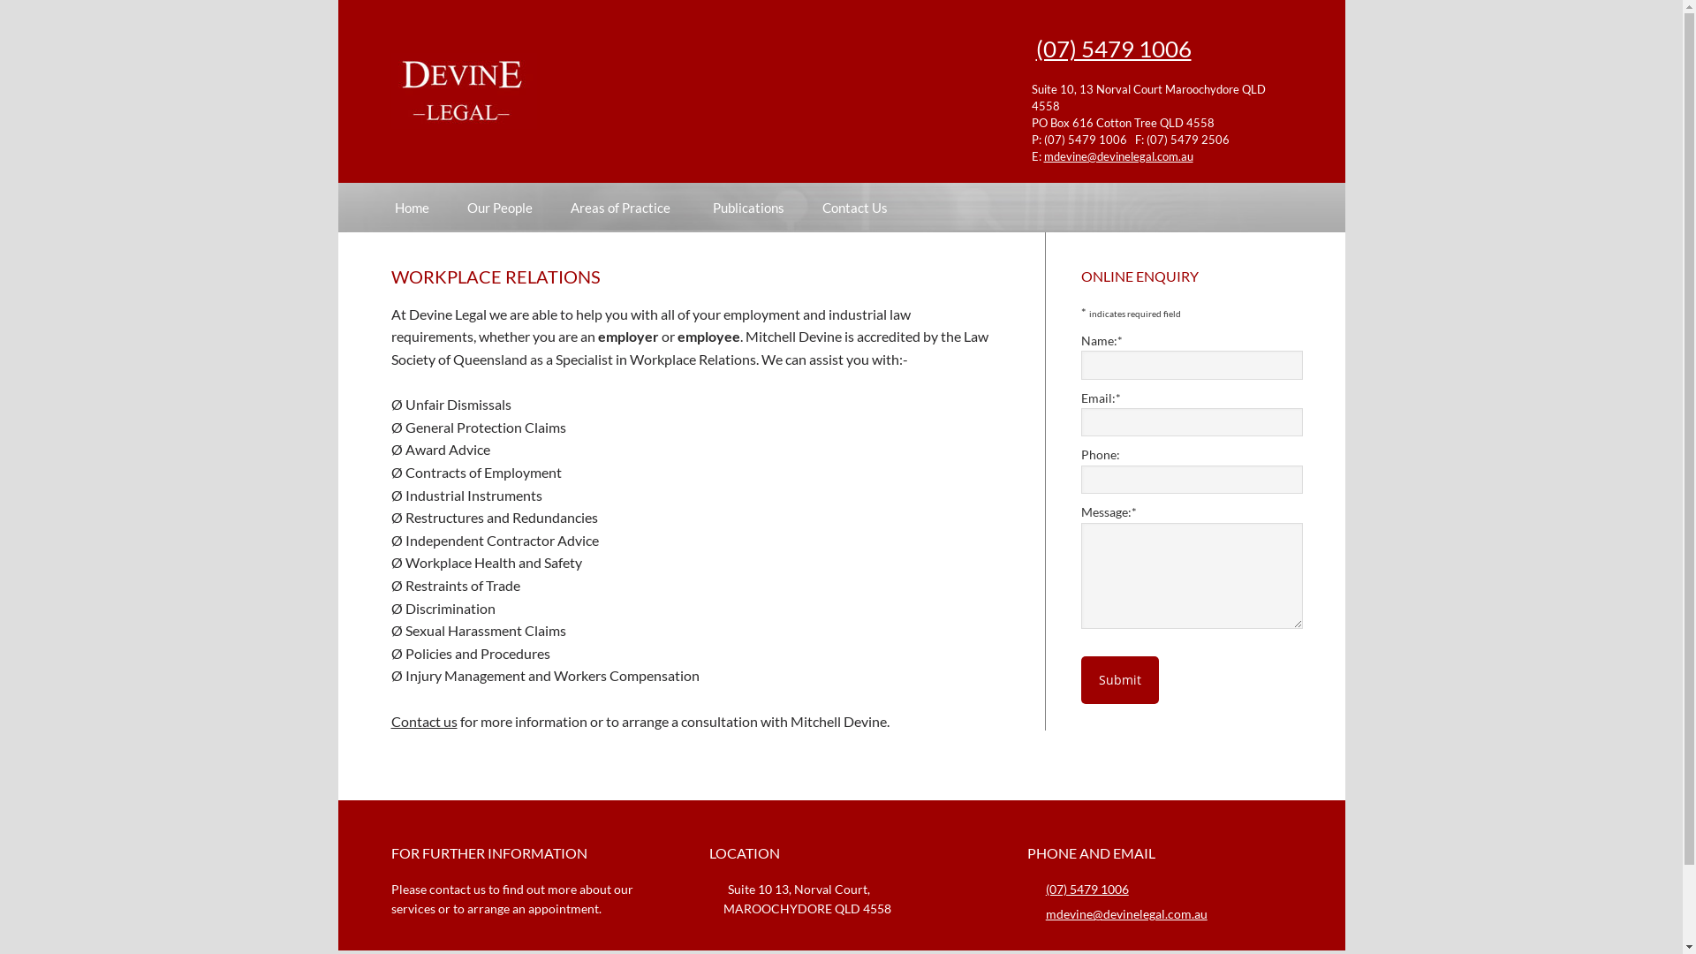  What do you see at coordinates (747, 206) in the screenshot?
I see `'Publications'` at bounding box center [747, 206].